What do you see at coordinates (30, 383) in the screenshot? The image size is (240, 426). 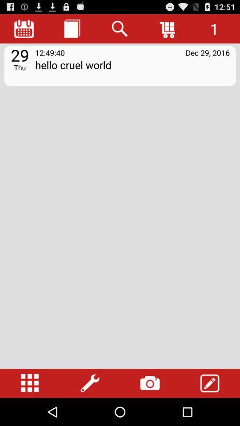 I see `button at the bottom left corner` at bounding box center [30, 383].